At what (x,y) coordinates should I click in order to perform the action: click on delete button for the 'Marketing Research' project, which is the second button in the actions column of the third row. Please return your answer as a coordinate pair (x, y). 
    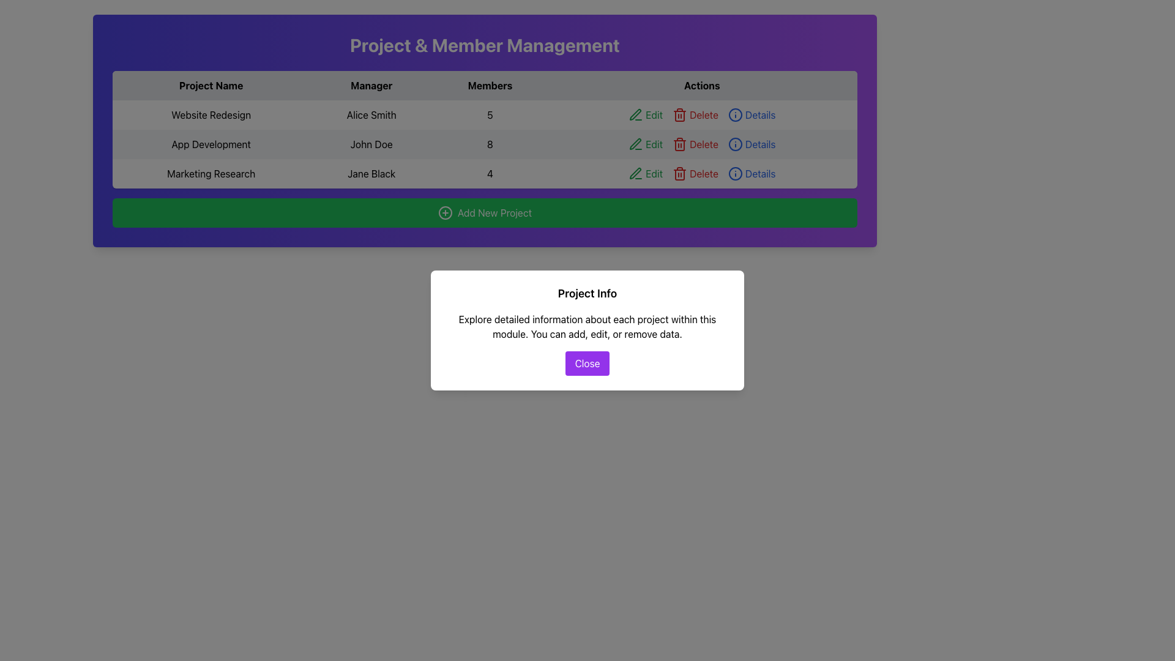
    Looking at the image, I should click on (679, 116).